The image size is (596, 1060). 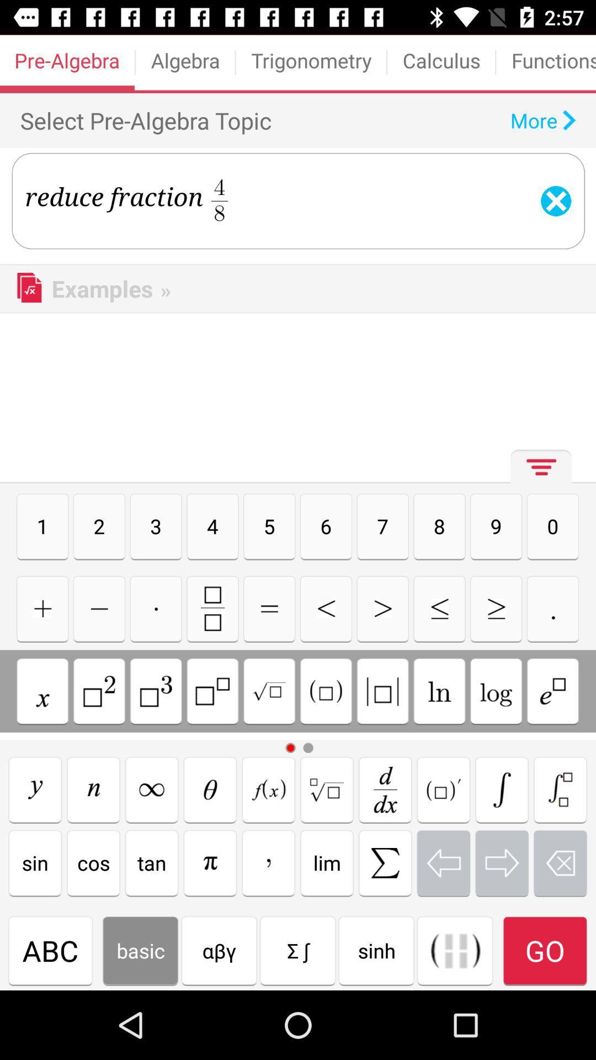 What do you see at coordinates (502, 862) in the screenshot?
I see `move the cursor to the right` at bounding box center [502, 862].